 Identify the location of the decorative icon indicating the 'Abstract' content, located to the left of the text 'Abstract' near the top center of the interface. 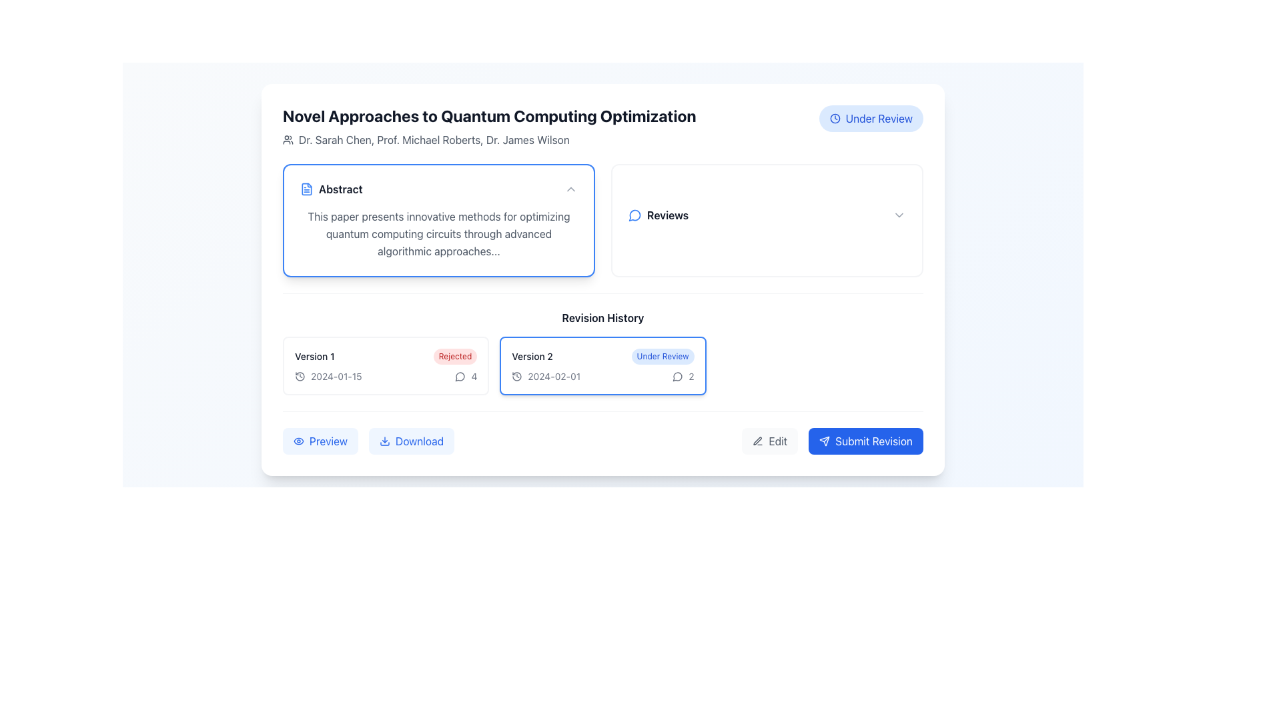
(306, 189).